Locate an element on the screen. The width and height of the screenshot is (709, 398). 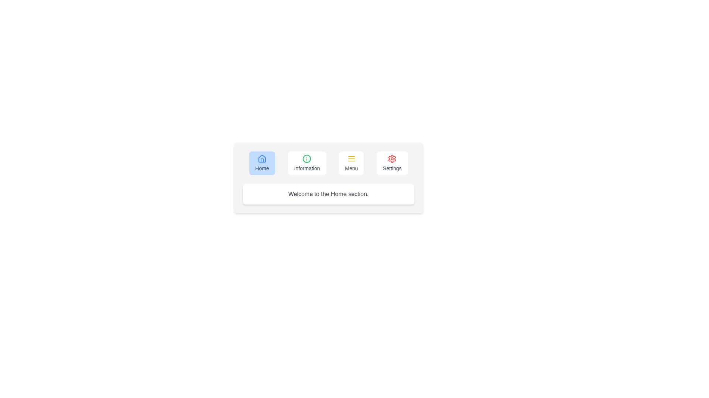
the button with a white background and a yellow menu icon labeled 'Menu' is located at coordinates (351, 163).